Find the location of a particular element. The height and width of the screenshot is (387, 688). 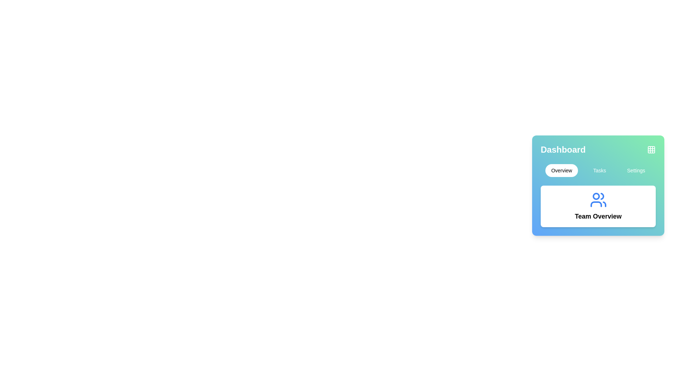

the 'Settings' button, which is the rightmost button in the horizontal set of three buttons is located at coordinates (636, 170).